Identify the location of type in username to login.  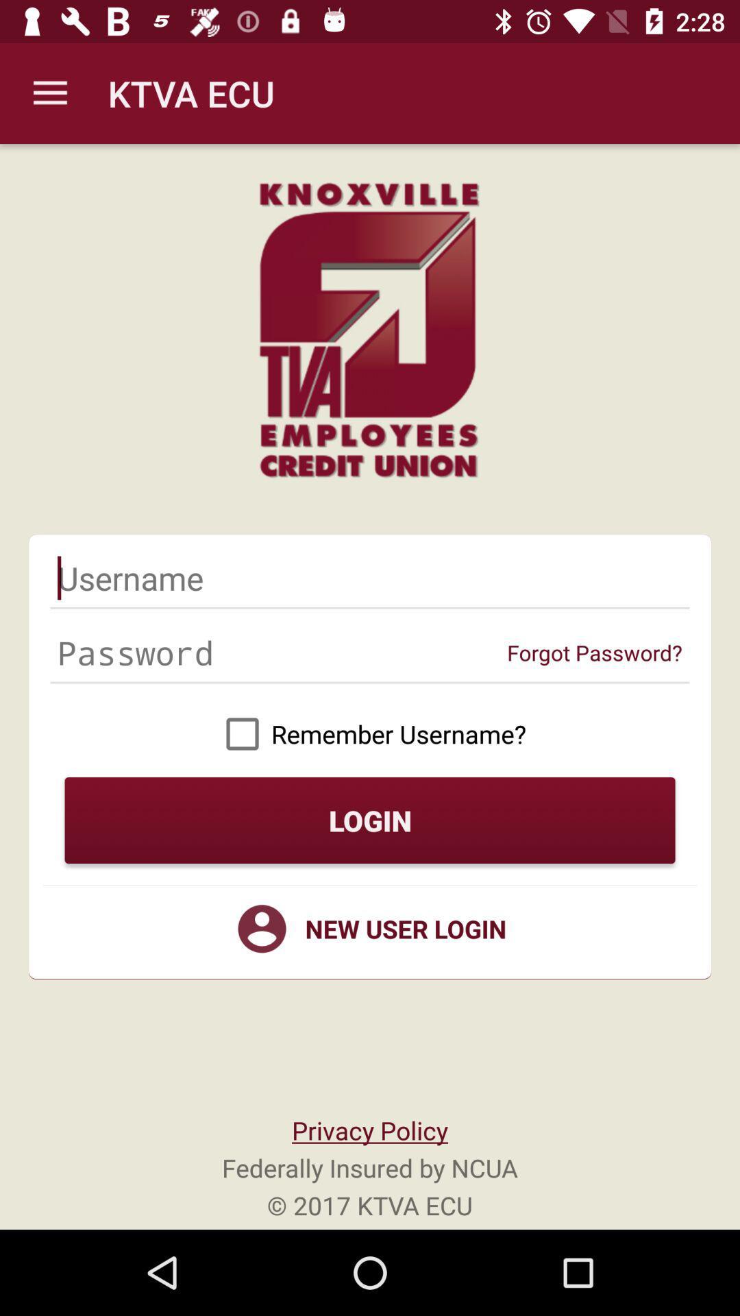
(370, 578).